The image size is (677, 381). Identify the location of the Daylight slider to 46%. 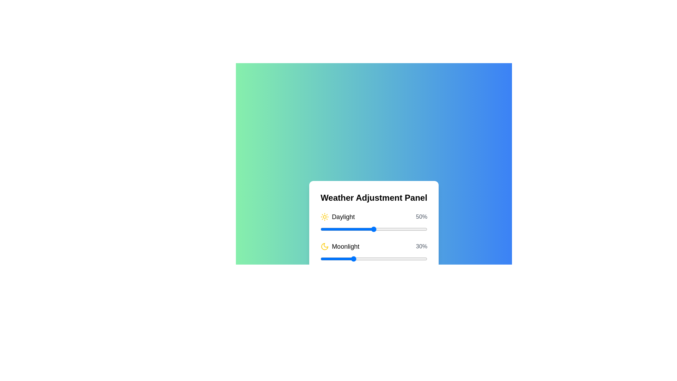
(369, 229).